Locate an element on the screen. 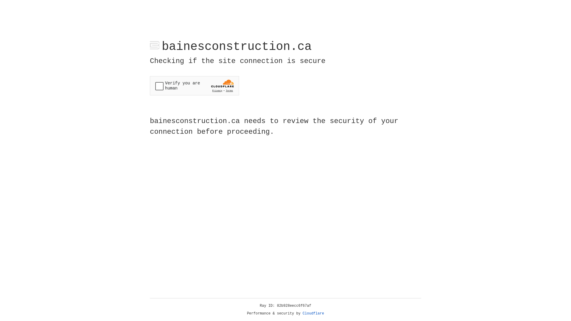 The image size is (571, 321). 'Widget containing a Cloudflare security challenge' is located at coordinates (194, 86).